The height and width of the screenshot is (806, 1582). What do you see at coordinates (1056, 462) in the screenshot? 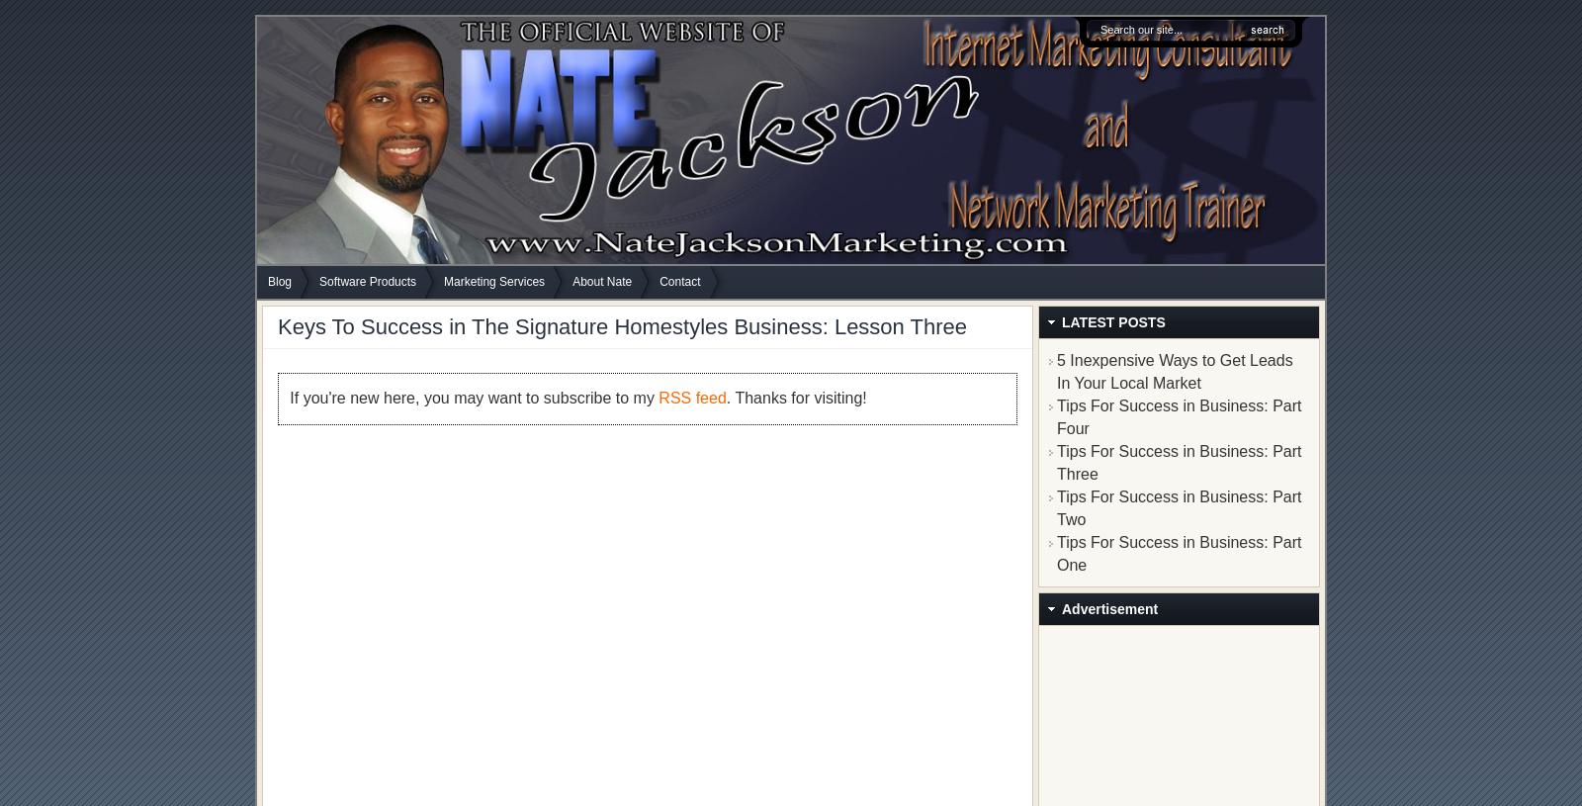
I see `'Tips For Success in Business: Part Three'` at bounding box center [1056, 462].